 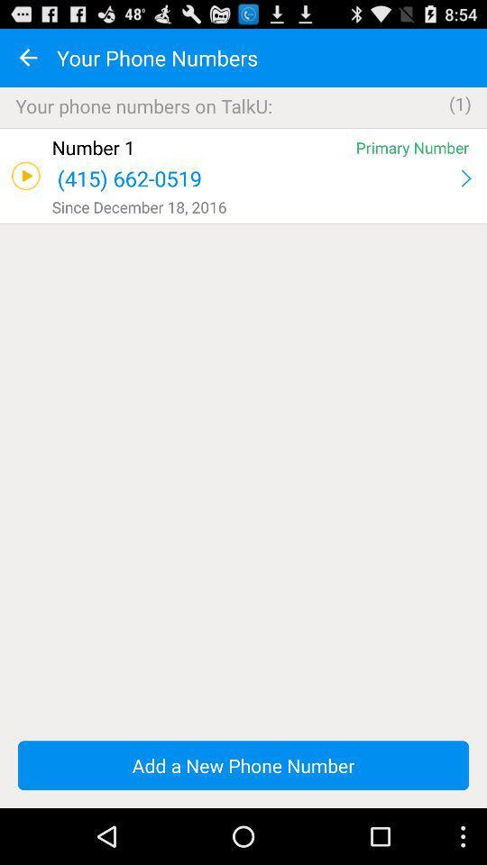 I want to click on the app next to the primary number, so click(x=199, y=146).